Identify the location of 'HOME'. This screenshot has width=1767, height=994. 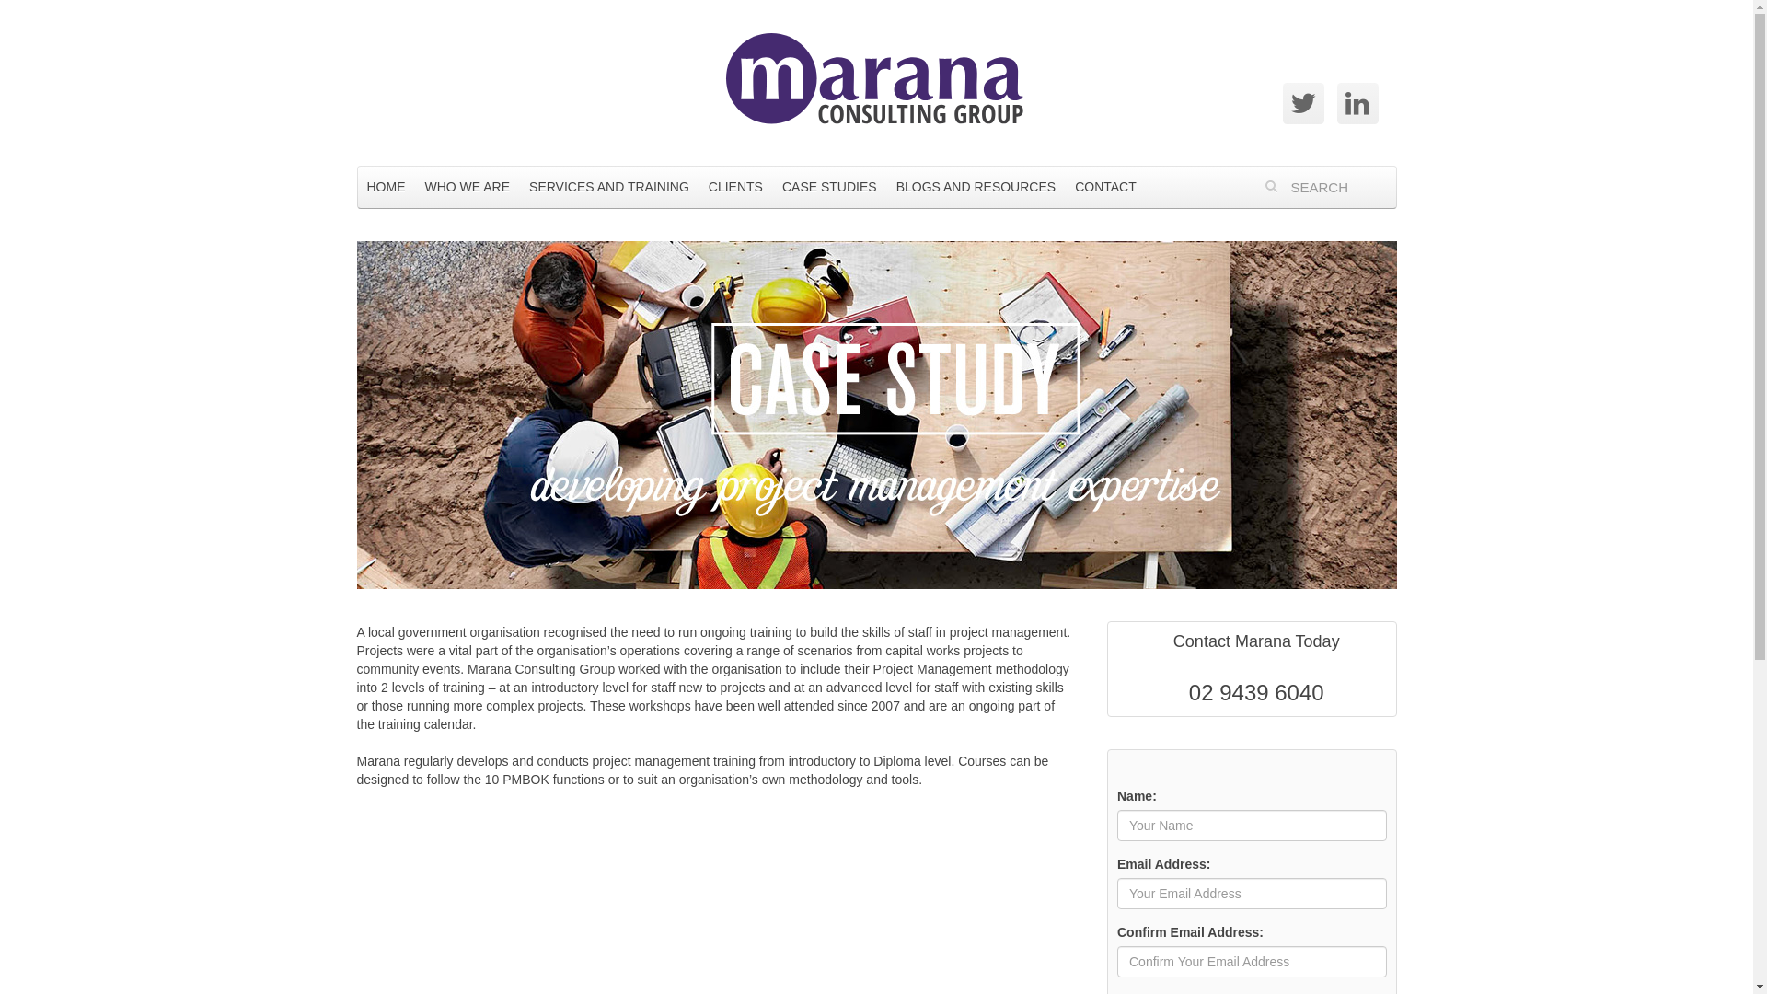
(386, 187).